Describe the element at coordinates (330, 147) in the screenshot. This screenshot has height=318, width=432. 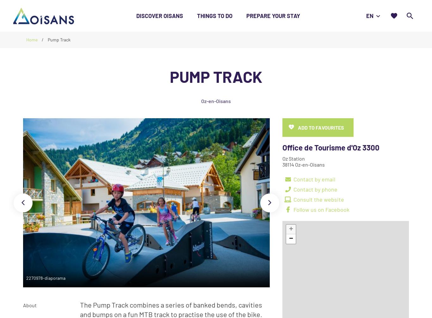
I see `'Office de Tourisme d'Oz 3300'` at that location.